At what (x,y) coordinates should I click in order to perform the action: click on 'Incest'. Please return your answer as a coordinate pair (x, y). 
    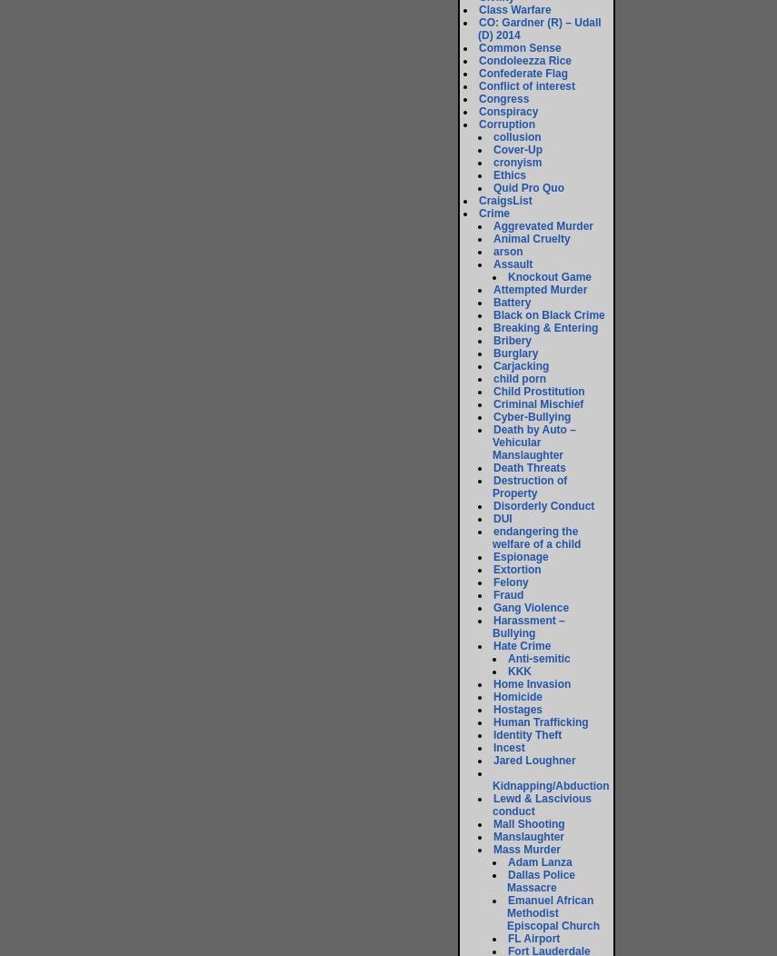
    Looking at the image, I should click on (508, 747).